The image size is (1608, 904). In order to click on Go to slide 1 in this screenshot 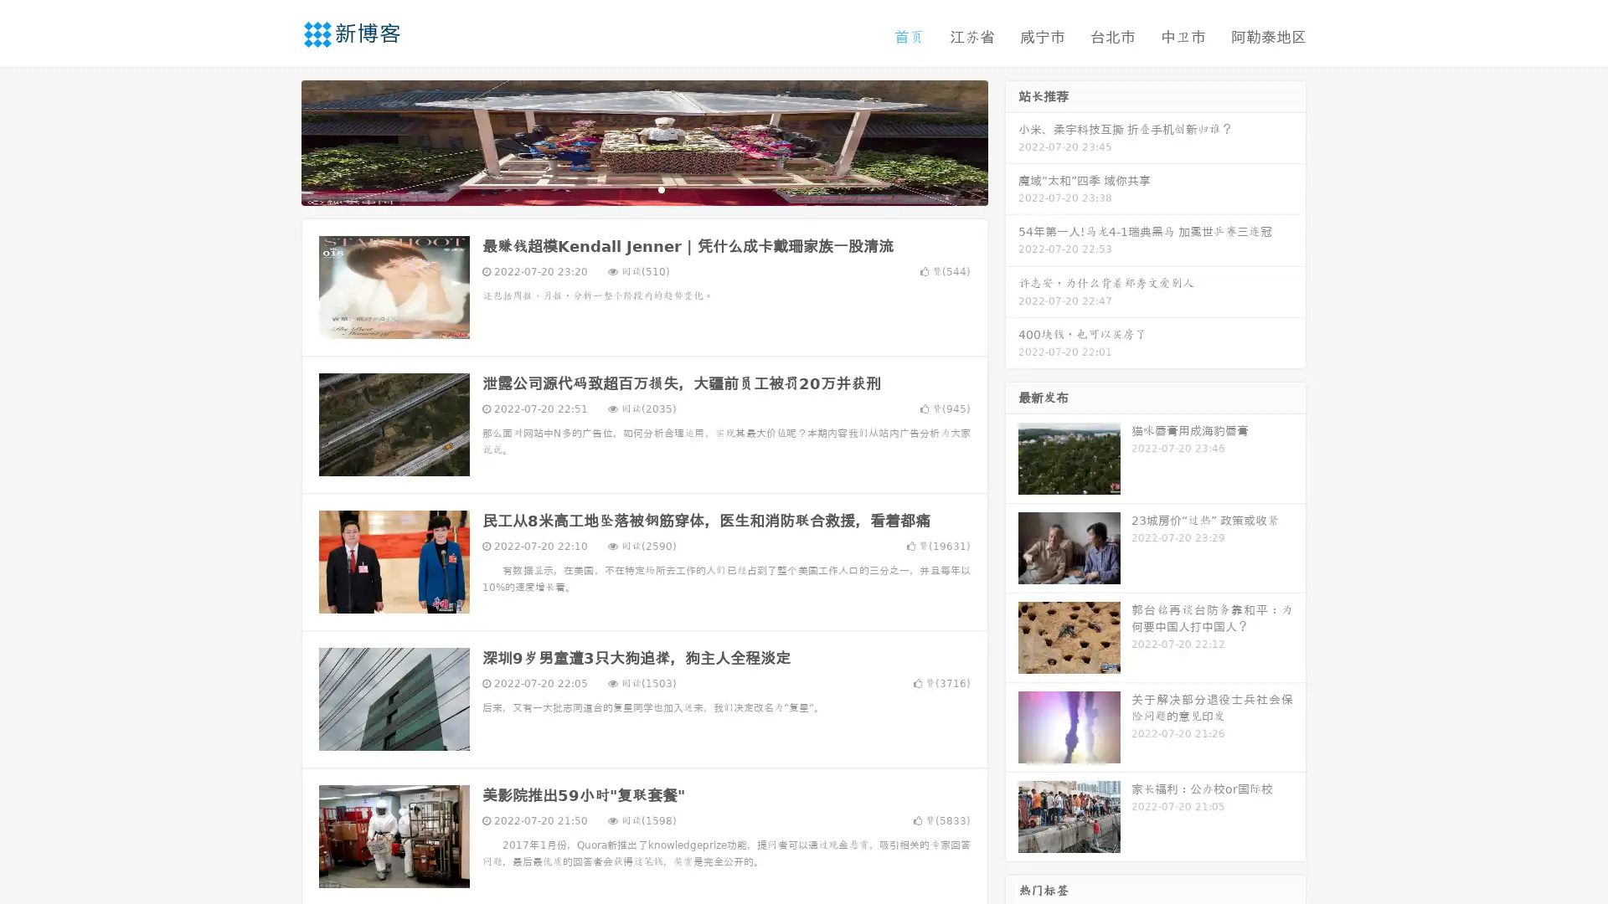, I will do `click(626, 188)`.